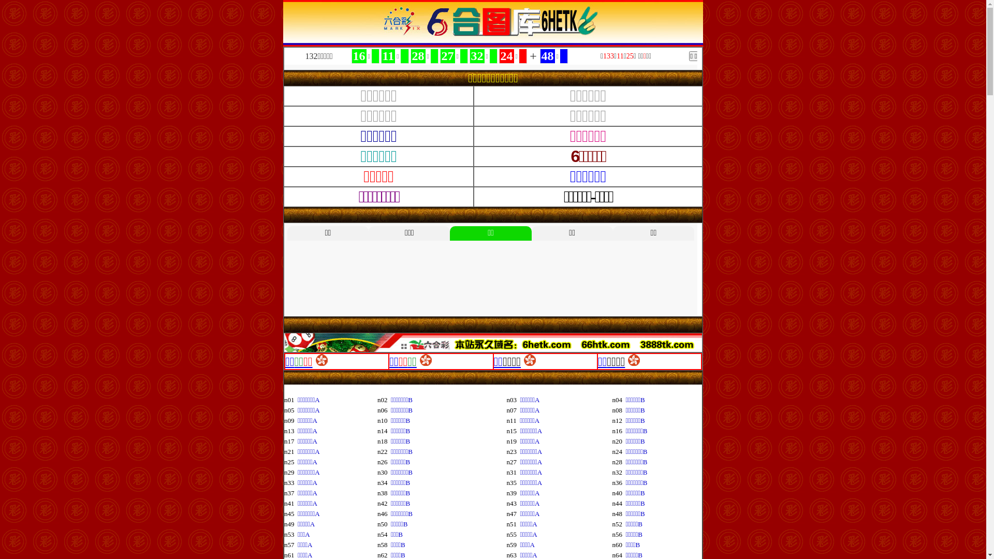  I want to click on 'n59 ', so click(514, 544).